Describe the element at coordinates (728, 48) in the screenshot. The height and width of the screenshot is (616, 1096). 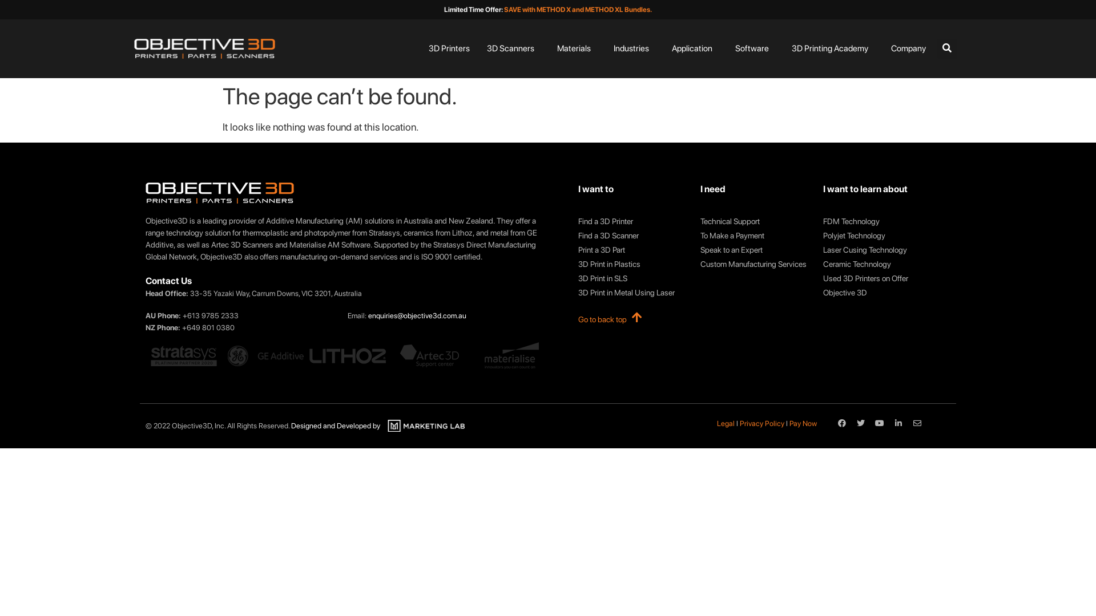
I see `'Software'` at that location.